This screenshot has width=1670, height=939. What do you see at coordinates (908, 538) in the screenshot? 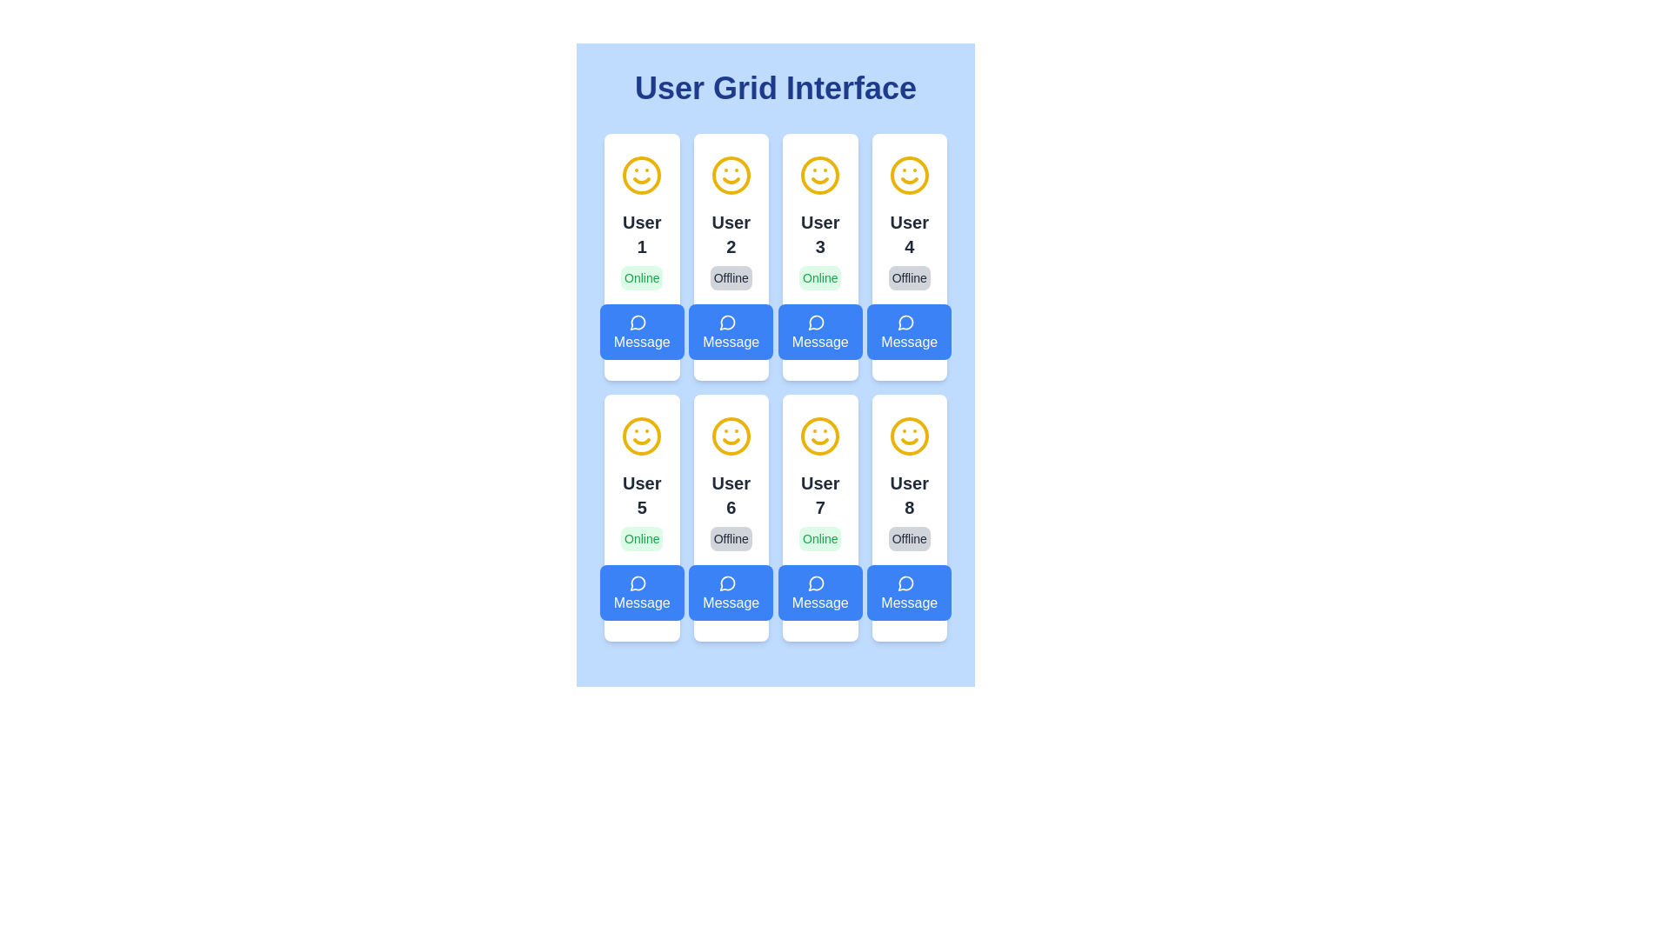
I see `the non-interactive status label indicating that 'User 8' is 'Offline', located between the 'User 8' label and the 'Message' button` at bounding box center [908, 538].